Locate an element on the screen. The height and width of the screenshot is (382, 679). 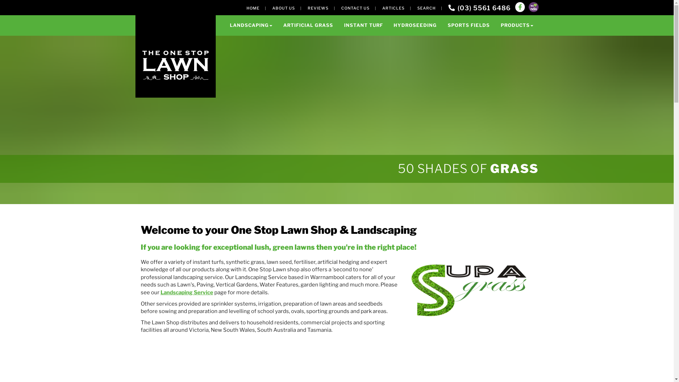
'INSTANT TURF' is located at coordinates (363, 25).